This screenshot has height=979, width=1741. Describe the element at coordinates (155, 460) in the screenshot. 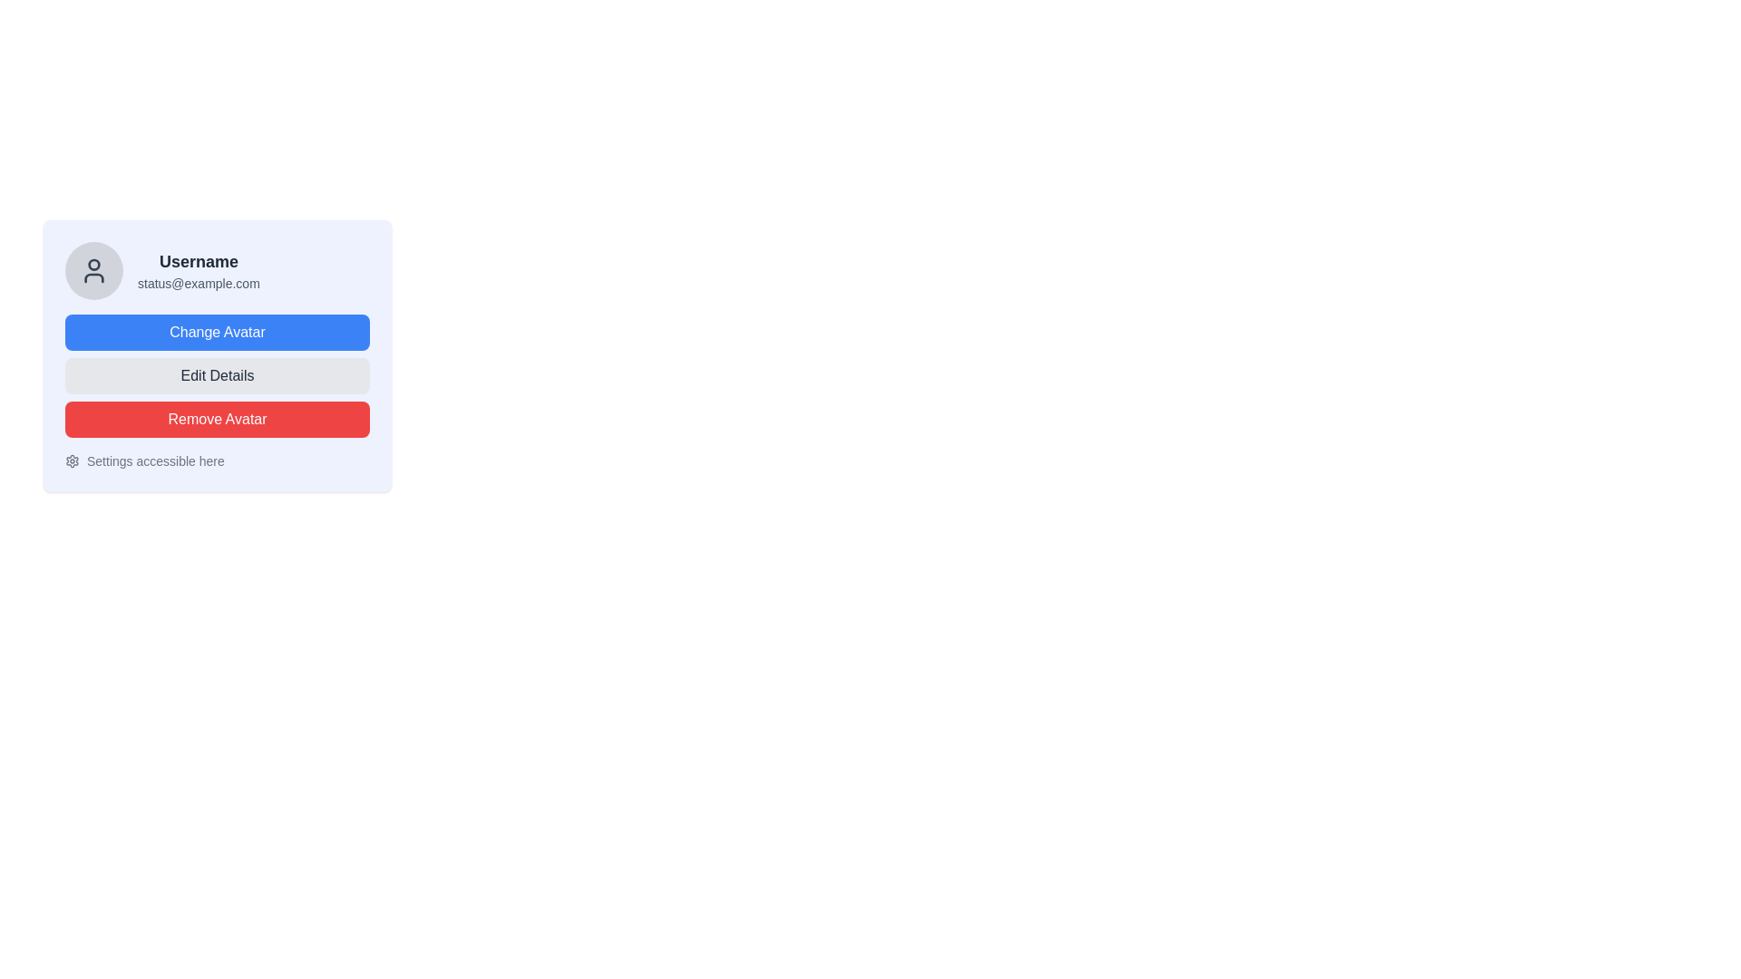

I see `the label text element that reads 'Settings accessible here', which is styled with a small gray font and is positioned to the right of a gear icon in the profile settings interface` at that location.